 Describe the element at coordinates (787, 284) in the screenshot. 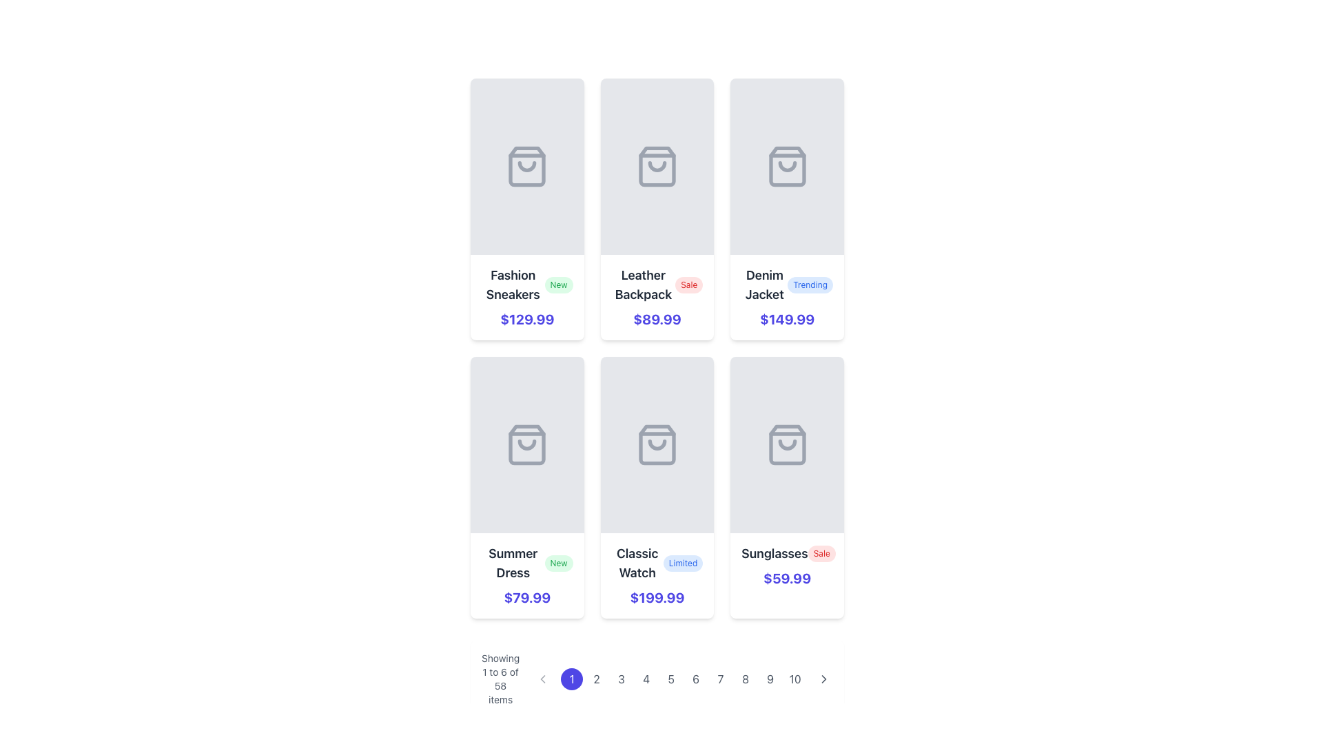

I see `the 'Trending' badge next to the 'Denim Jacket' title` at that location.